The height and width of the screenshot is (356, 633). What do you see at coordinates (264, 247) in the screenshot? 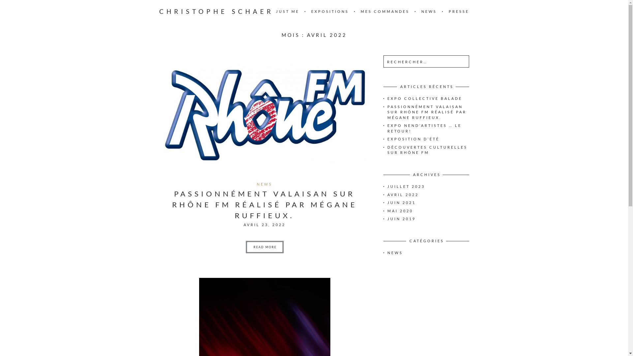
I see `'READ MORE'` at bounding box center [264, 247].